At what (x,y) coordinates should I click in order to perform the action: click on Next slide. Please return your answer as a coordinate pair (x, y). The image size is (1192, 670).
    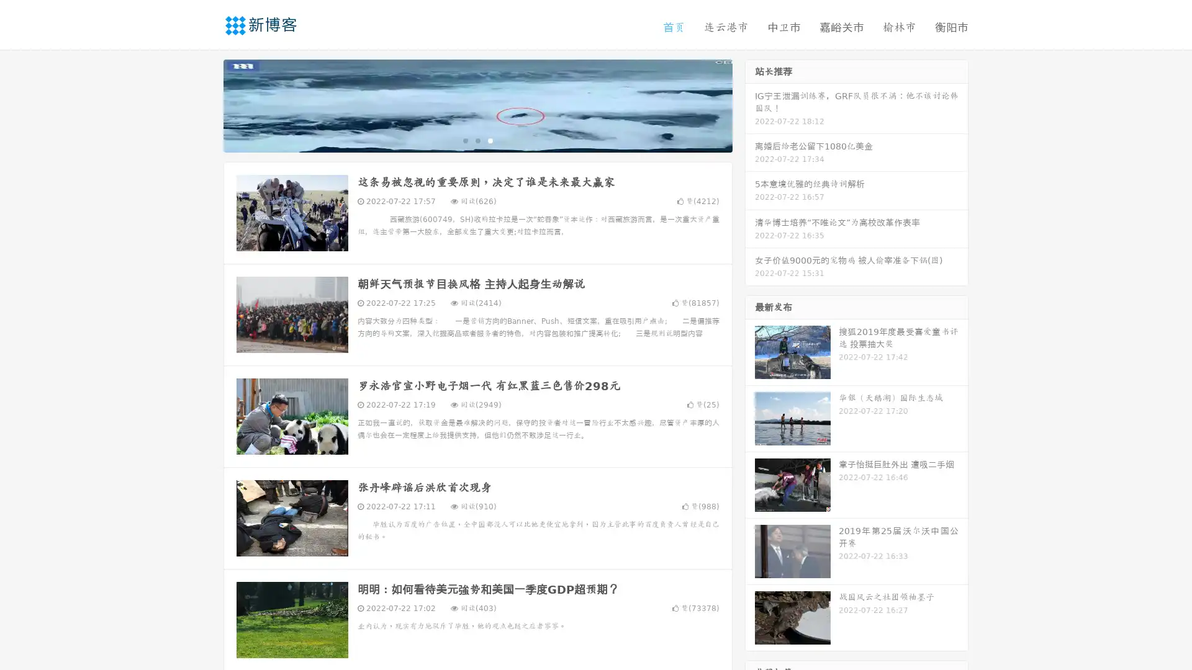
    Looking at the image, I should click on (750, 104).